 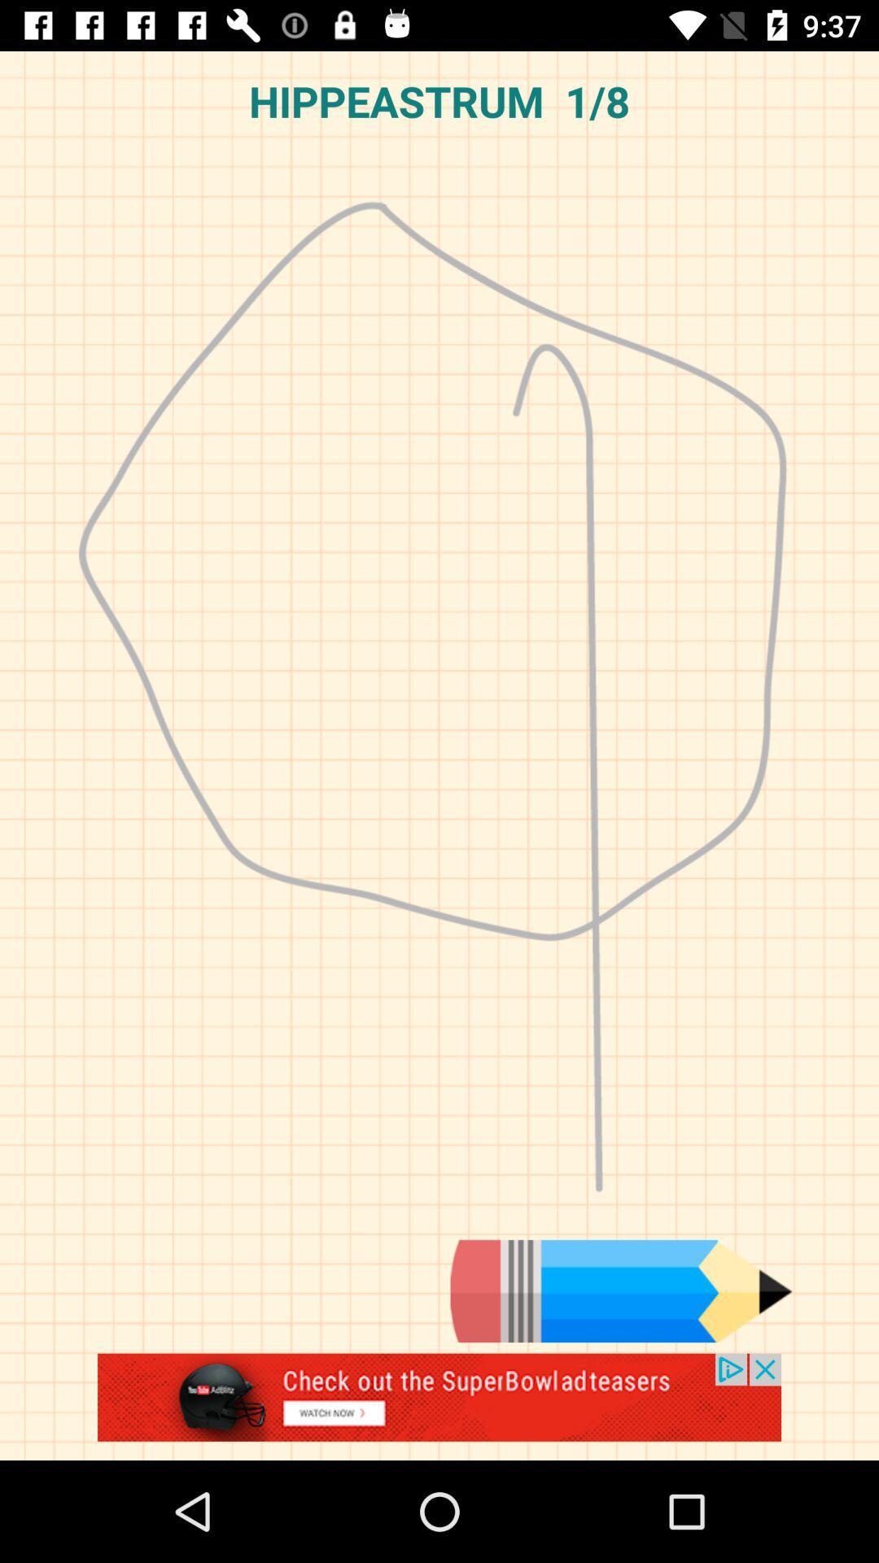 I want to click on draw, so click(x=621, y=1290).